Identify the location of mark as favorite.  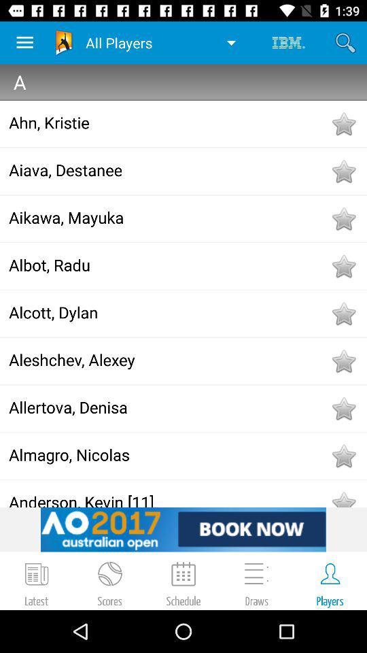
(343, 218).